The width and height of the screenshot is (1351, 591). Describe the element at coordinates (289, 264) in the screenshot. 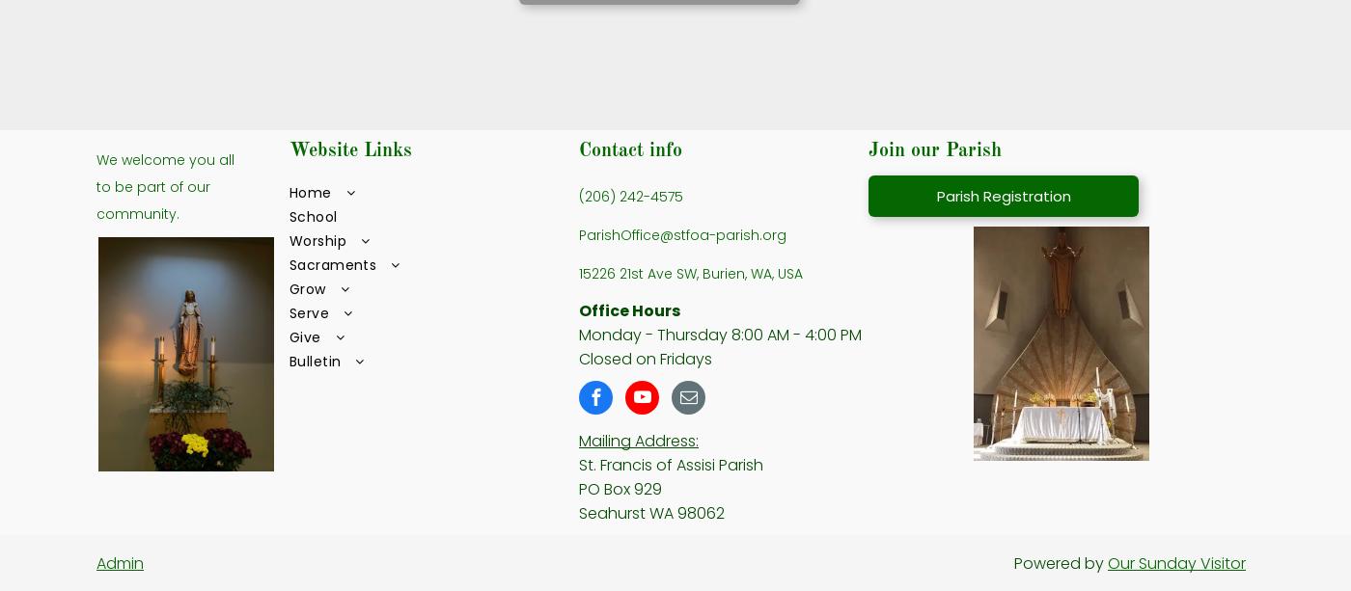

I see `'Sacraments'` at that location.